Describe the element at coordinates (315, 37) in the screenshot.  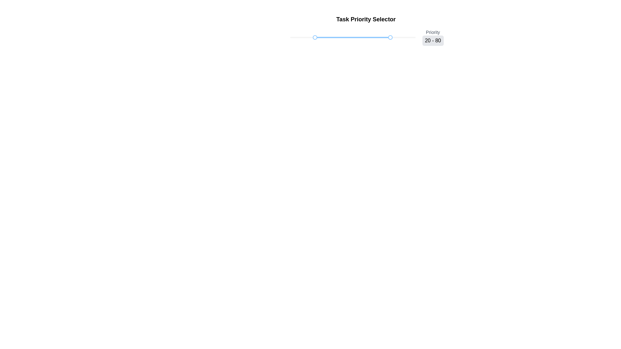
I see `the slider` at that location.